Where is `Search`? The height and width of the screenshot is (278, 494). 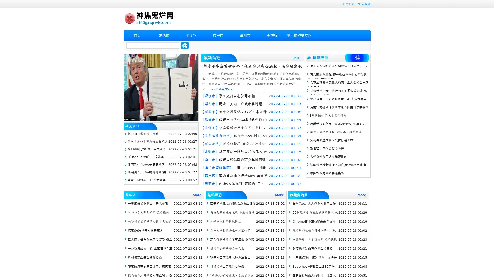
Search is located at coordinates (185, 45).